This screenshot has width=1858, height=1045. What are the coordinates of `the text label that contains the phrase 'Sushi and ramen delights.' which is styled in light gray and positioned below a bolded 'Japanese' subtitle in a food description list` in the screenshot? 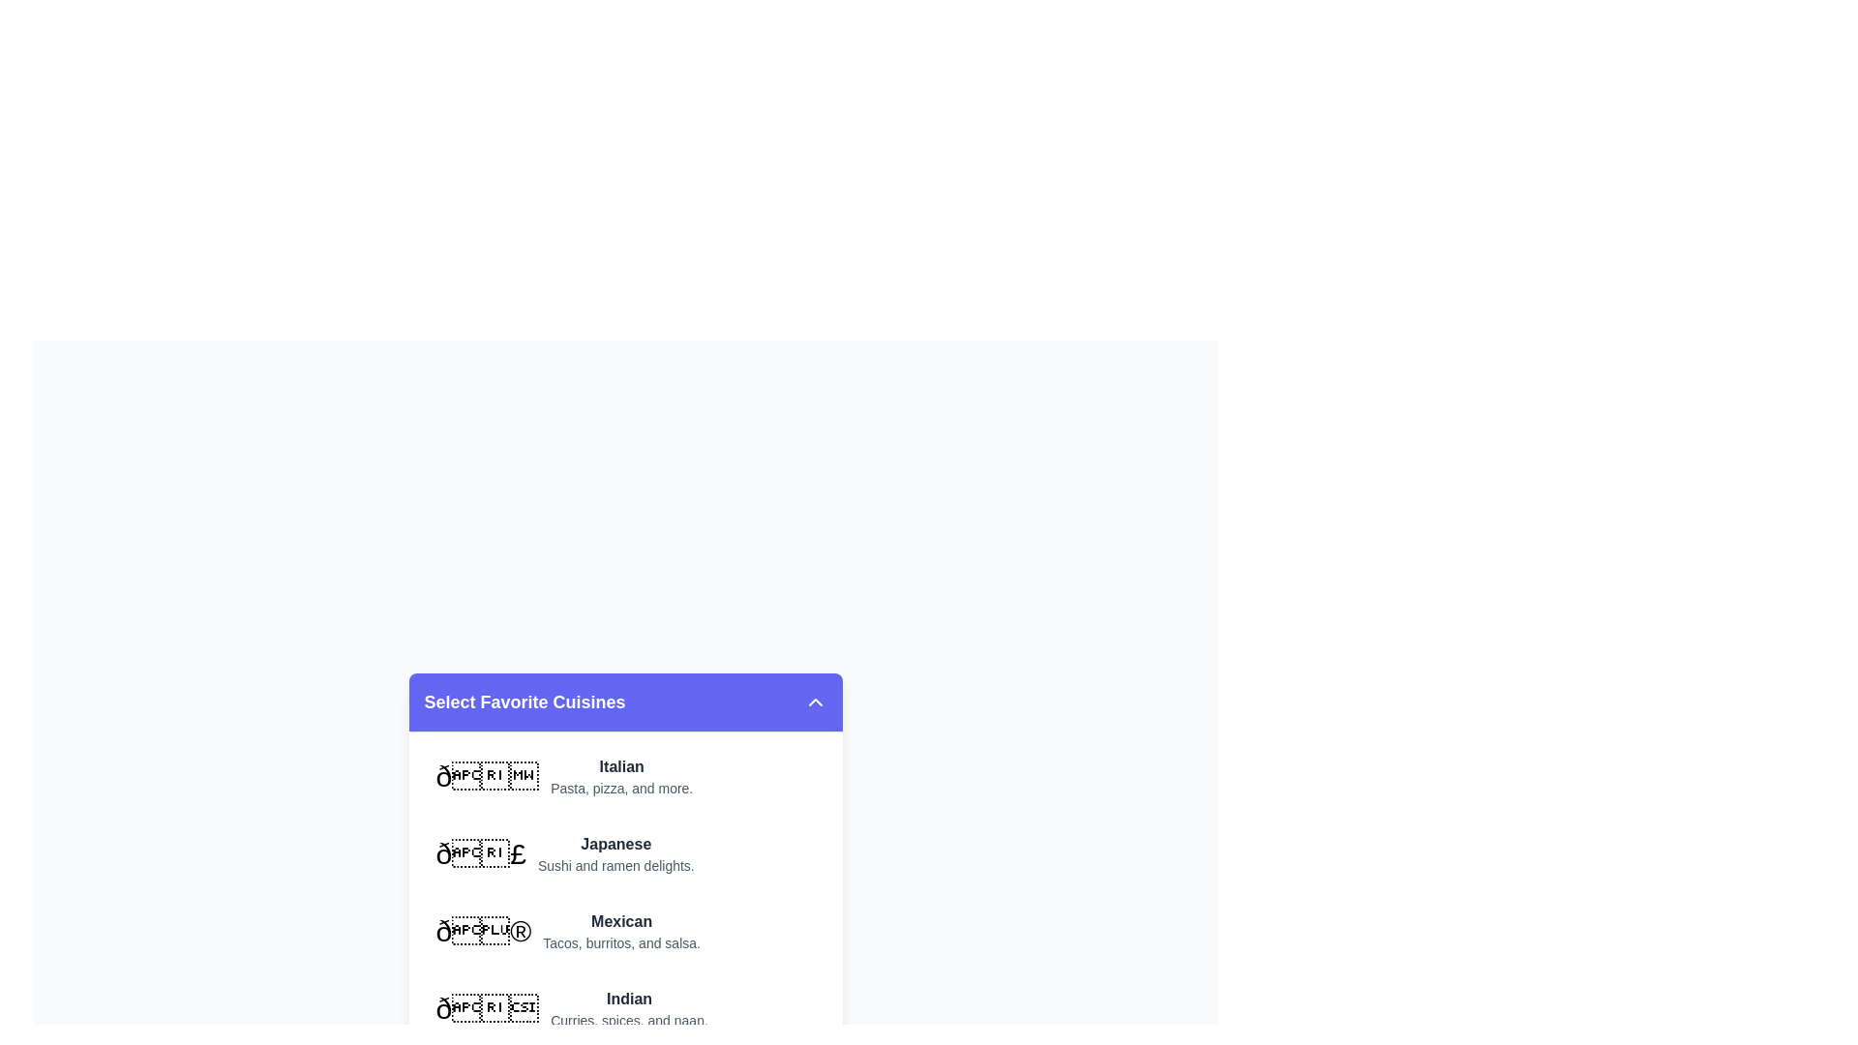 It's located at (614, 864).